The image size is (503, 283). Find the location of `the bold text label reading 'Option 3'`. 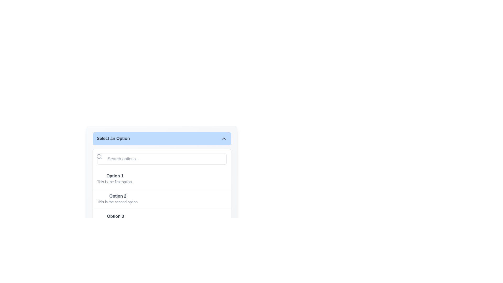

the bold text label reading 'Option 3' is located at coordinates (115, 216).